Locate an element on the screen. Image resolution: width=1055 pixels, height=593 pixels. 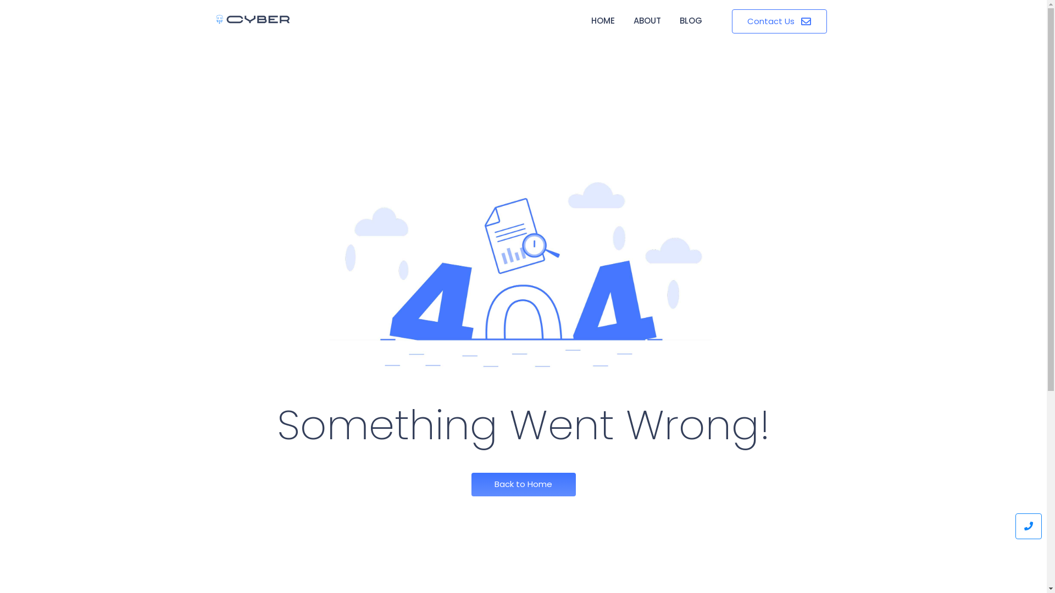
'ABOUT' is located at coordinates (647, 21).